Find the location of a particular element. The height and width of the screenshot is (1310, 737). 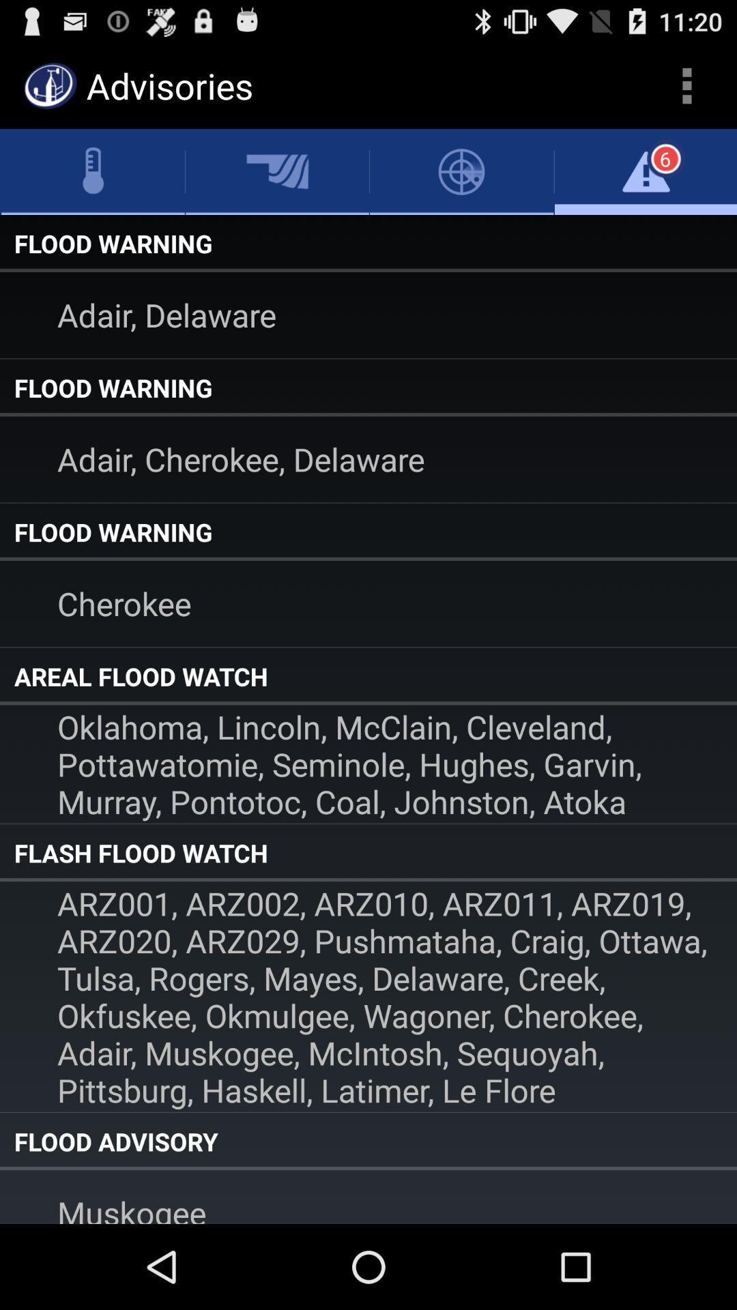

the muskogee is located at coordinates (369, 1196).